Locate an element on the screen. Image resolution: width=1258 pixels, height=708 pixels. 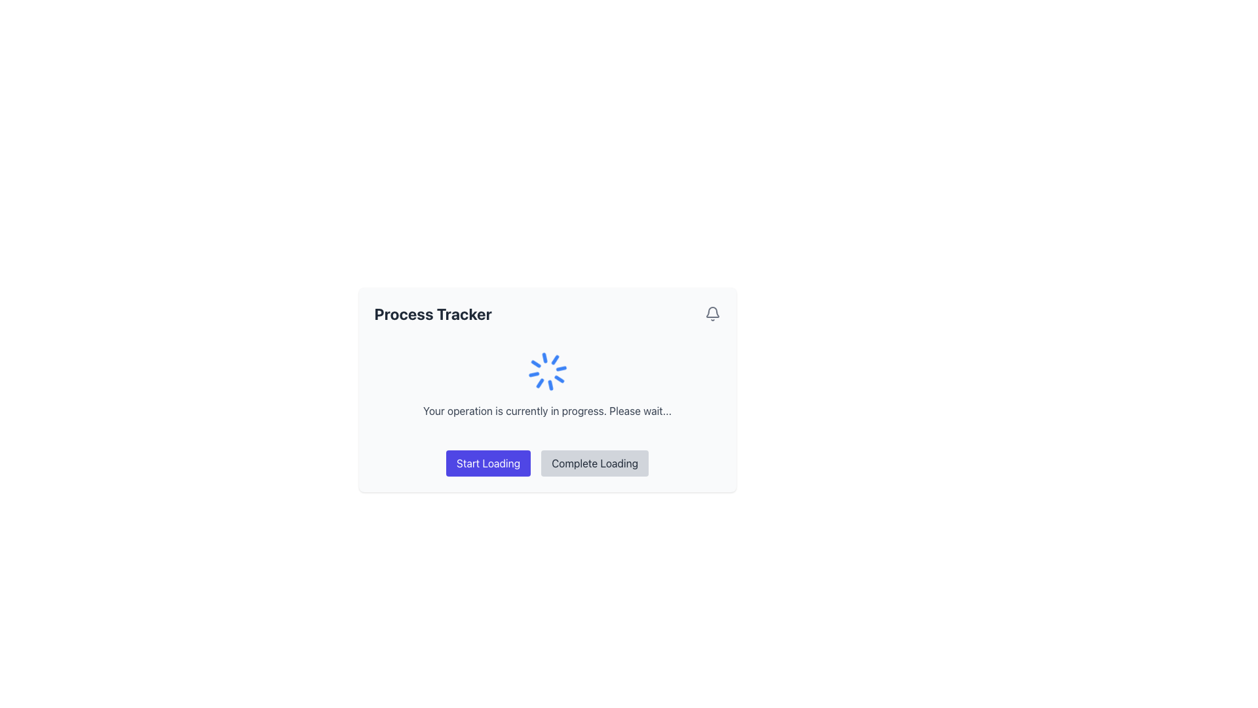
the bold, large text element displaying 'Process Tracker' located at the top-left corner of the card layout is located at coordinates (433, 313).